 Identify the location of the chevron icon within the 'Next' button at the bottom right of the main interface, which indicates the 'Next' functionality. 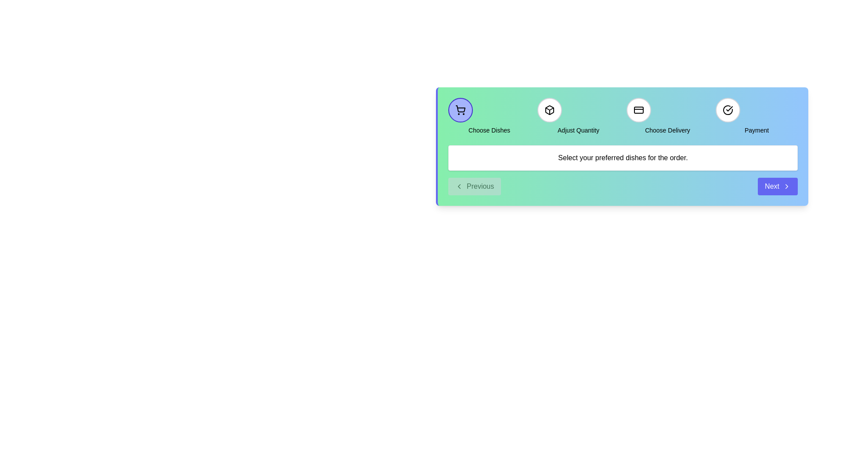
(786, 186).